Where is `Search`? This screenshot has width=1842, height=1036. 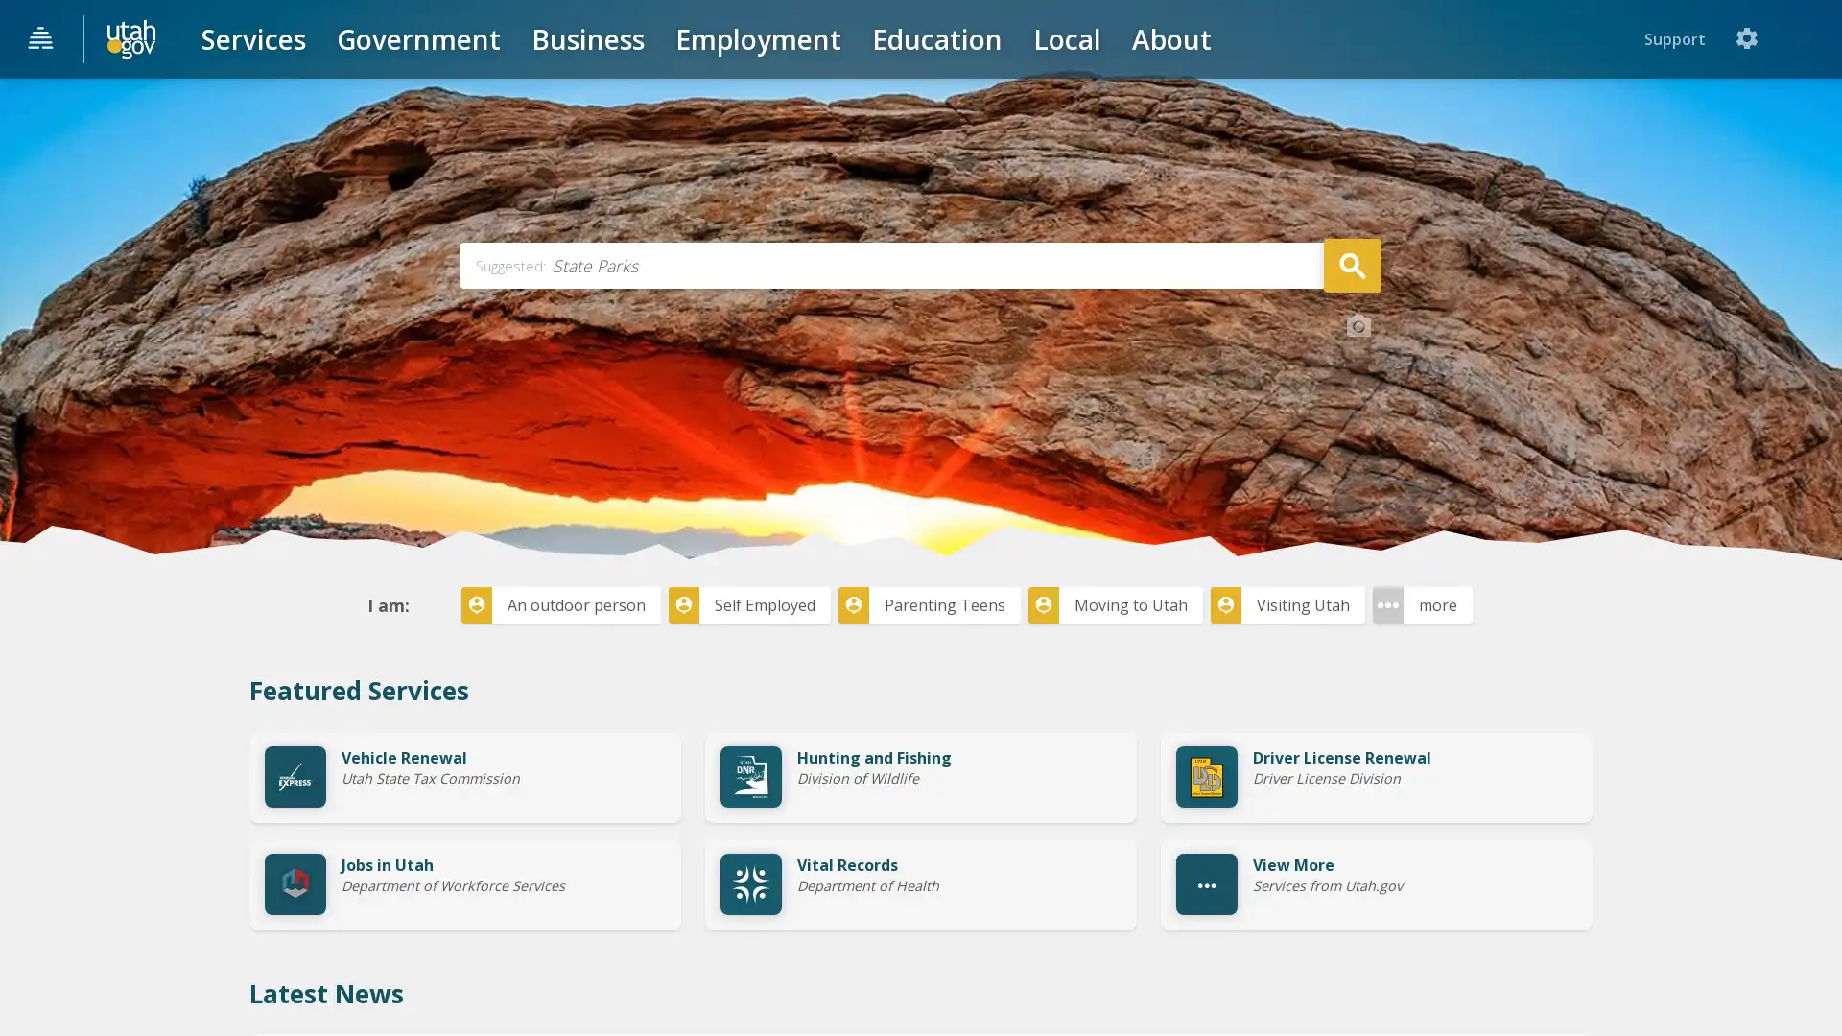 Search is located at coordinates (1351, 406).